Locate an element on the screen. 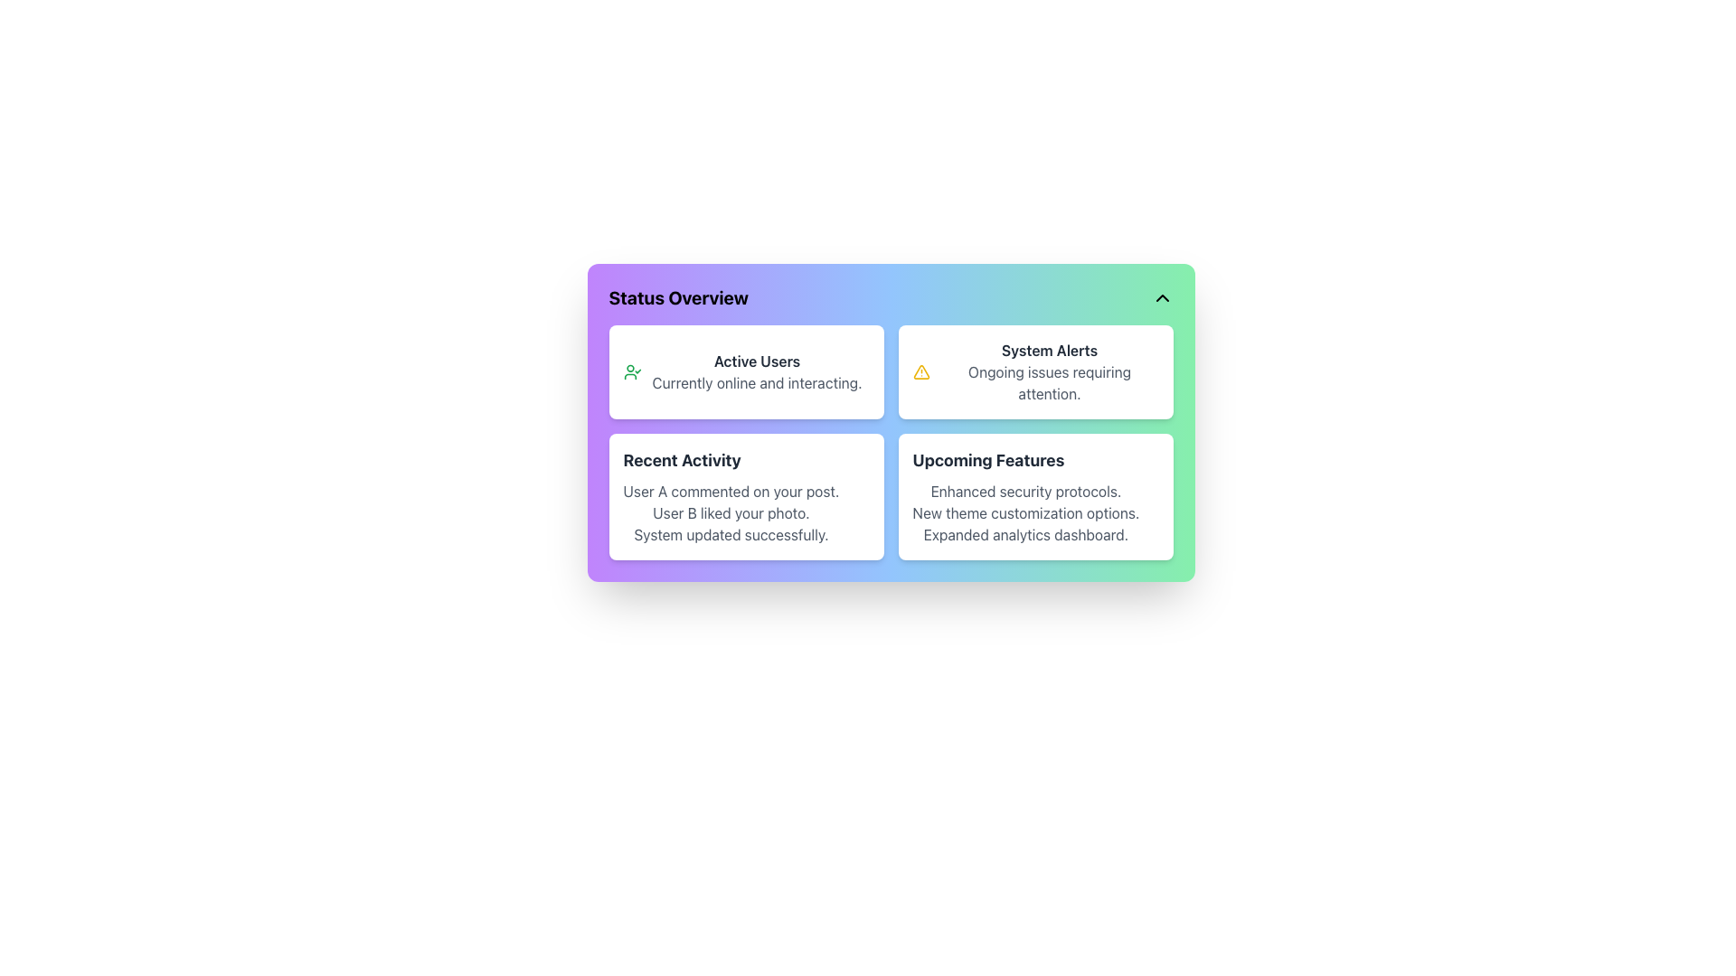 The height and width of the screenshot is (976, 1736). the textual block displaying notifications in the 'Recent Activity' section, which includes messages like 'User A commented on your post.' is located at coordinates (731, 512).